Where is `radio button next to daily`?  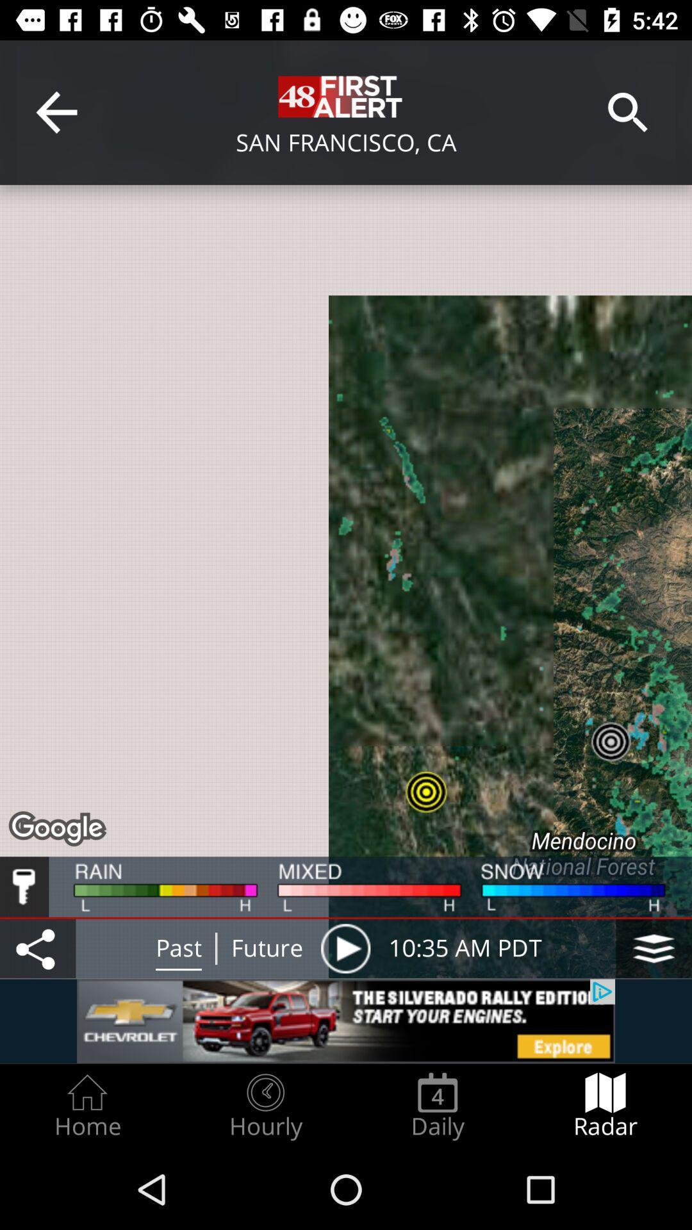
radio button next to daily is located at coordinates (265, 1106).